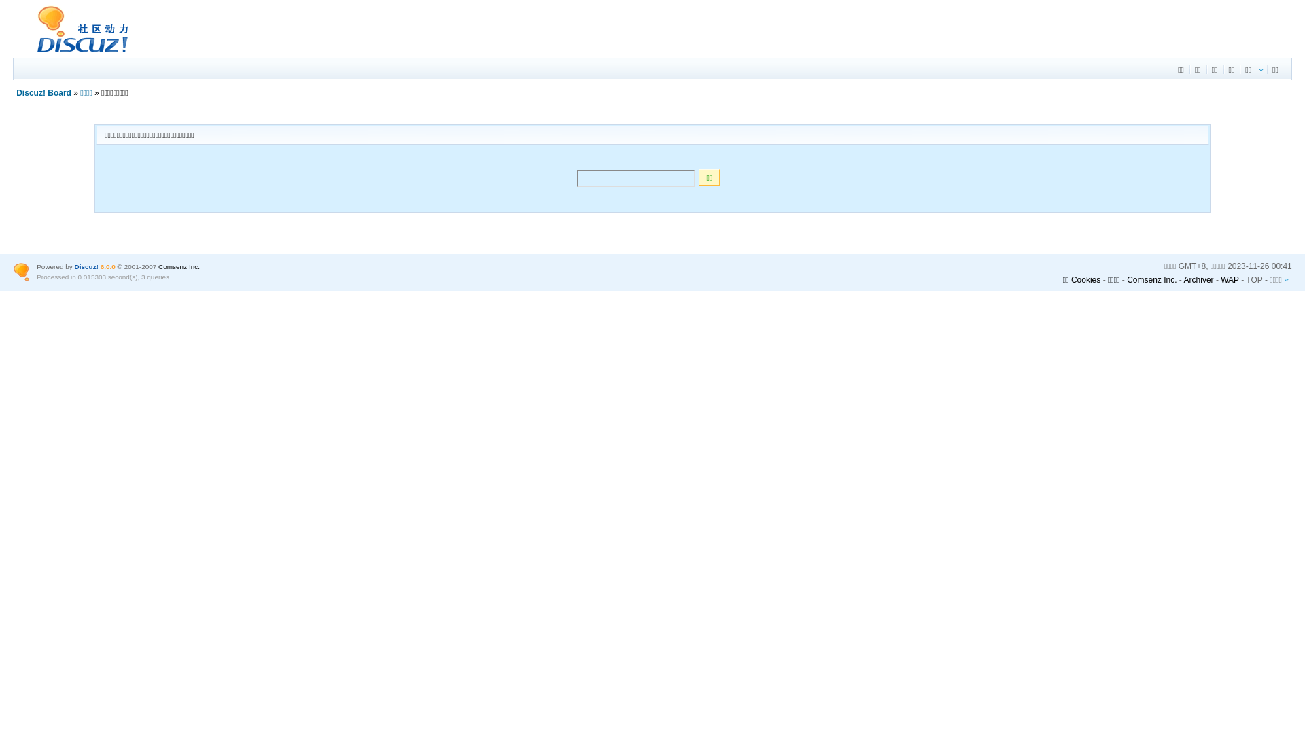 This screenshot has width=1305, height=734. I want to click on 'Discuz! Board', so click(43, 92).